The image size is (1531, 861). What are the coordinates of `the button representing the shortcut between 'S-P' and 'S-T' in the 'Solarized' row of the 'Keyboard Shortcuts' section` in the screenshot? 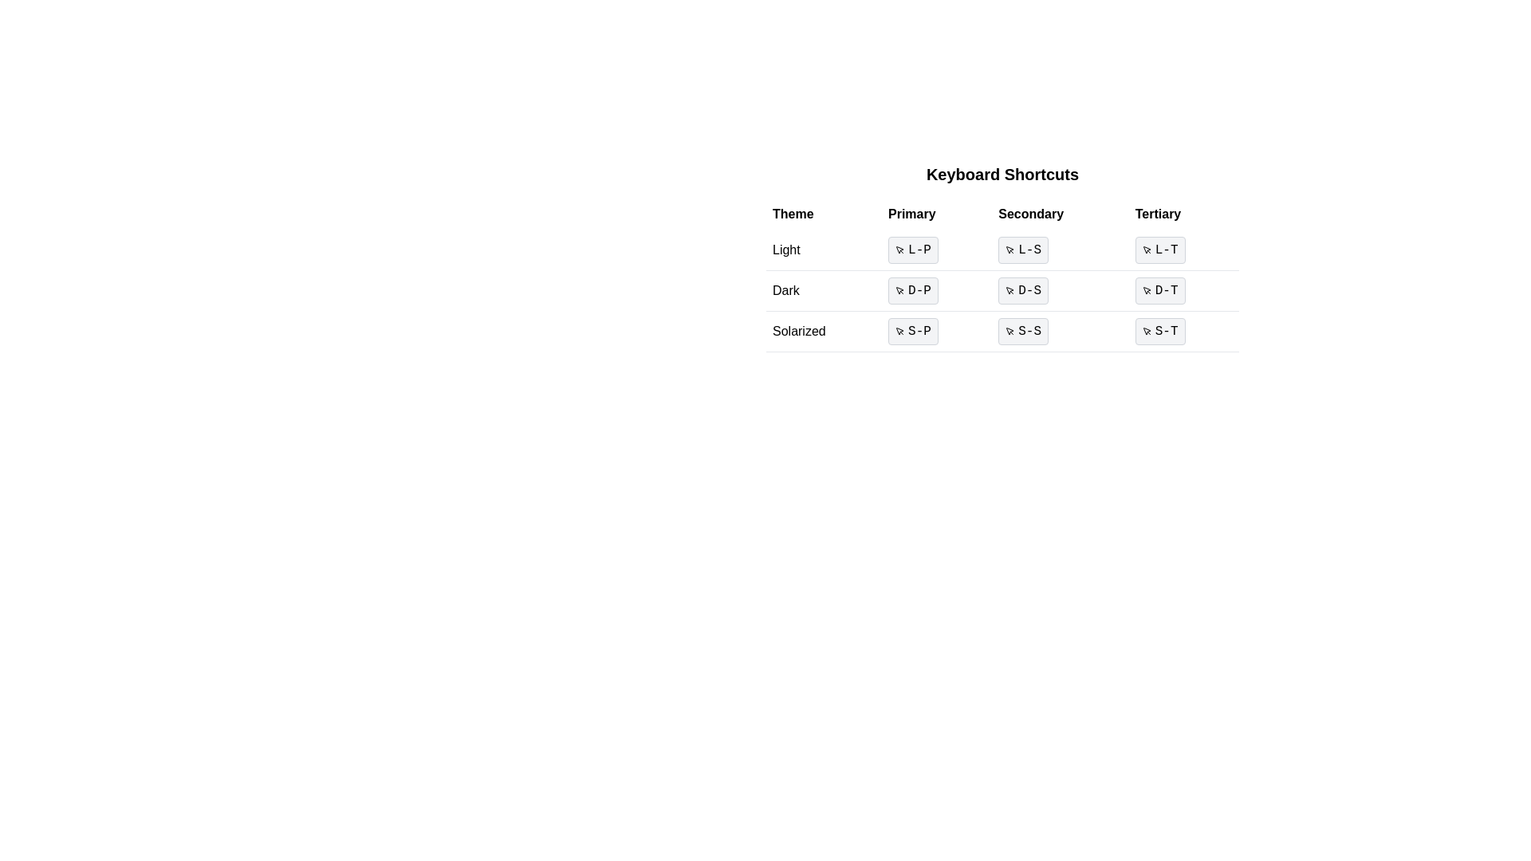 It's located at (1002, 331).